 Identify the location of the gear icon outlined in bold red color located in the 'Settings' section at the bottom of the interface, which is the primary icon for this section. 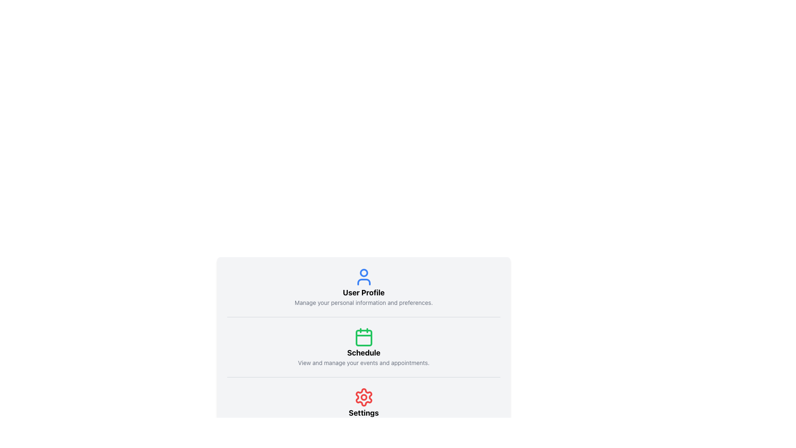
(364, 397).